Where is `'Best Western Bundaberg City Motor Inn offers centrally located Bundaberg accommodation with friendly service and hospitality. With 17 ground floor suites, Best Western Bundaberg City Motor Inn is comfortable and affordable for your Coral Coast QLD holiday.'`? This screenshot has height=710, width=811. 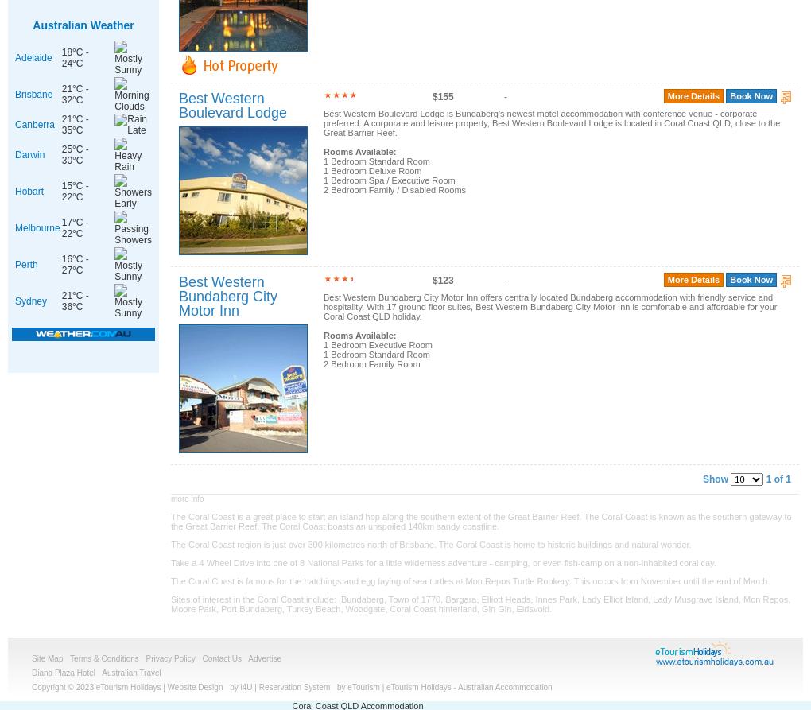 'Best Western Bundaberg City Motor Inn offers centrally located Bundaberg accommodation with friendly service and hospitality. With 17 ground floor suites, Best Western Bundaberg City Motor Inn is comfortable and affordable for your Coral Coast QLD holiday.' is located at coordinates (549, 307).